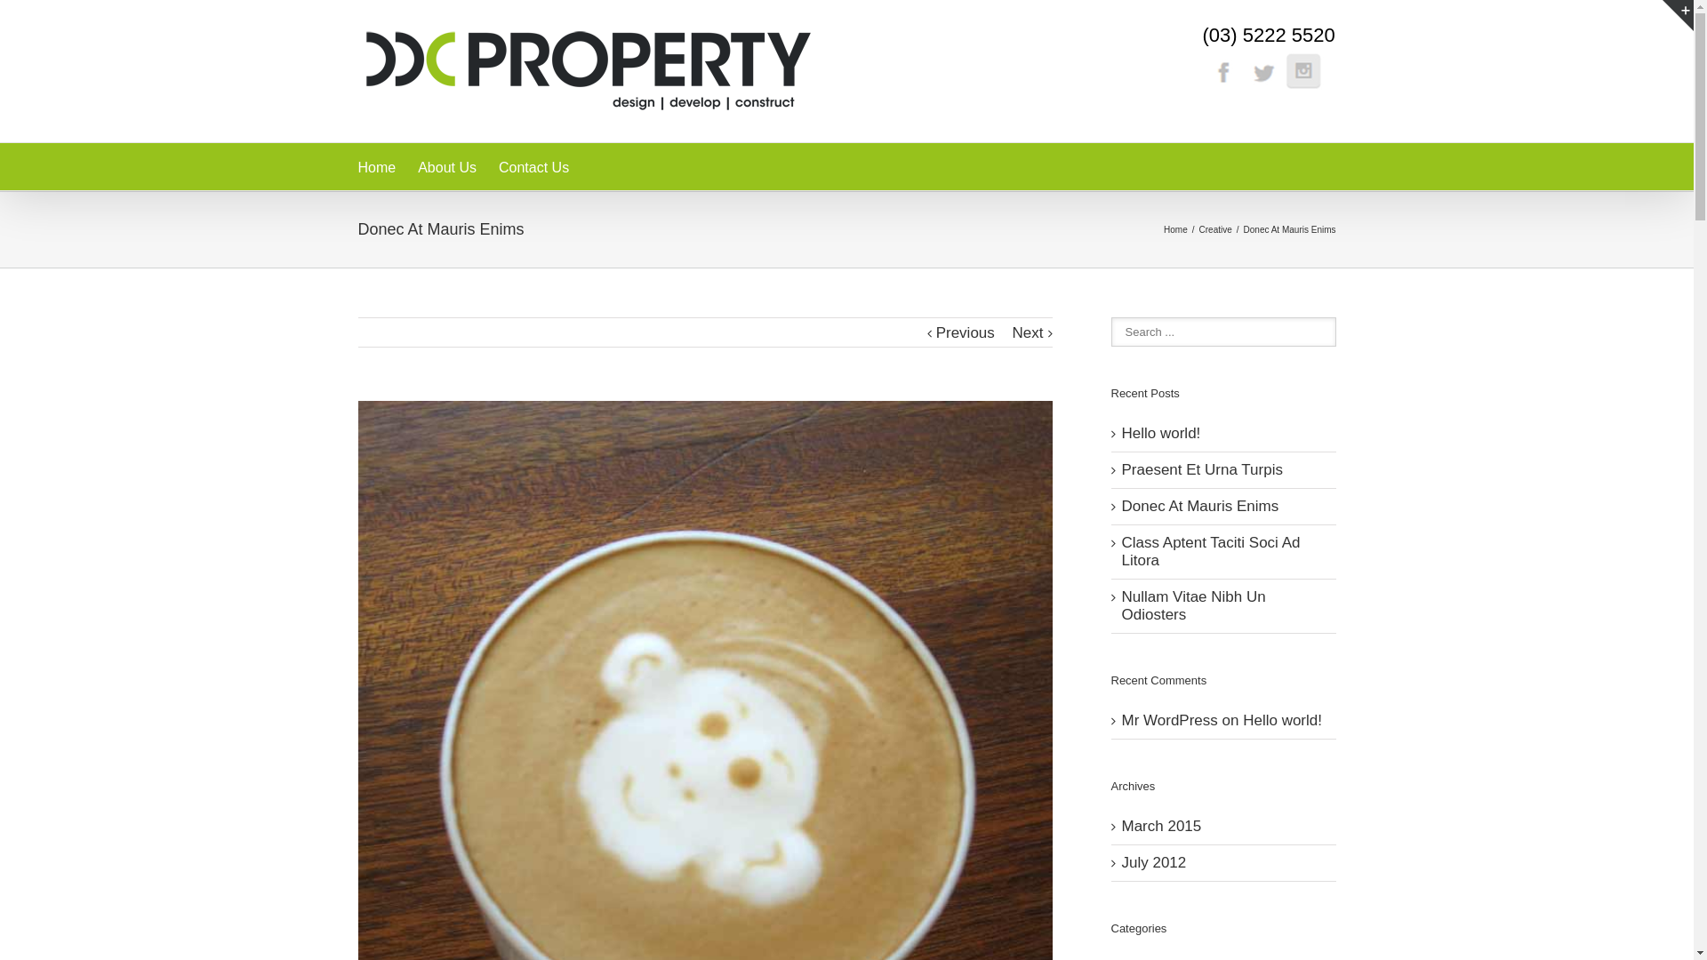  What do you see at coordinates (1121, 604) in the screenshot?
I see `'Nullam Vitae Nibh Un Odiosters'` at bounding box center [1121, 604].